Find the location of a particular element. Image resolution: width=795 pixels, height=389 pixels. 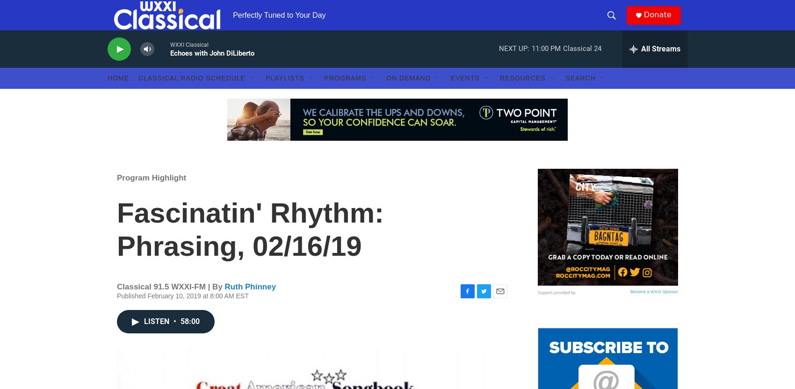

'Echoes with John DiLiberto' is located at coordinates (212, 72).